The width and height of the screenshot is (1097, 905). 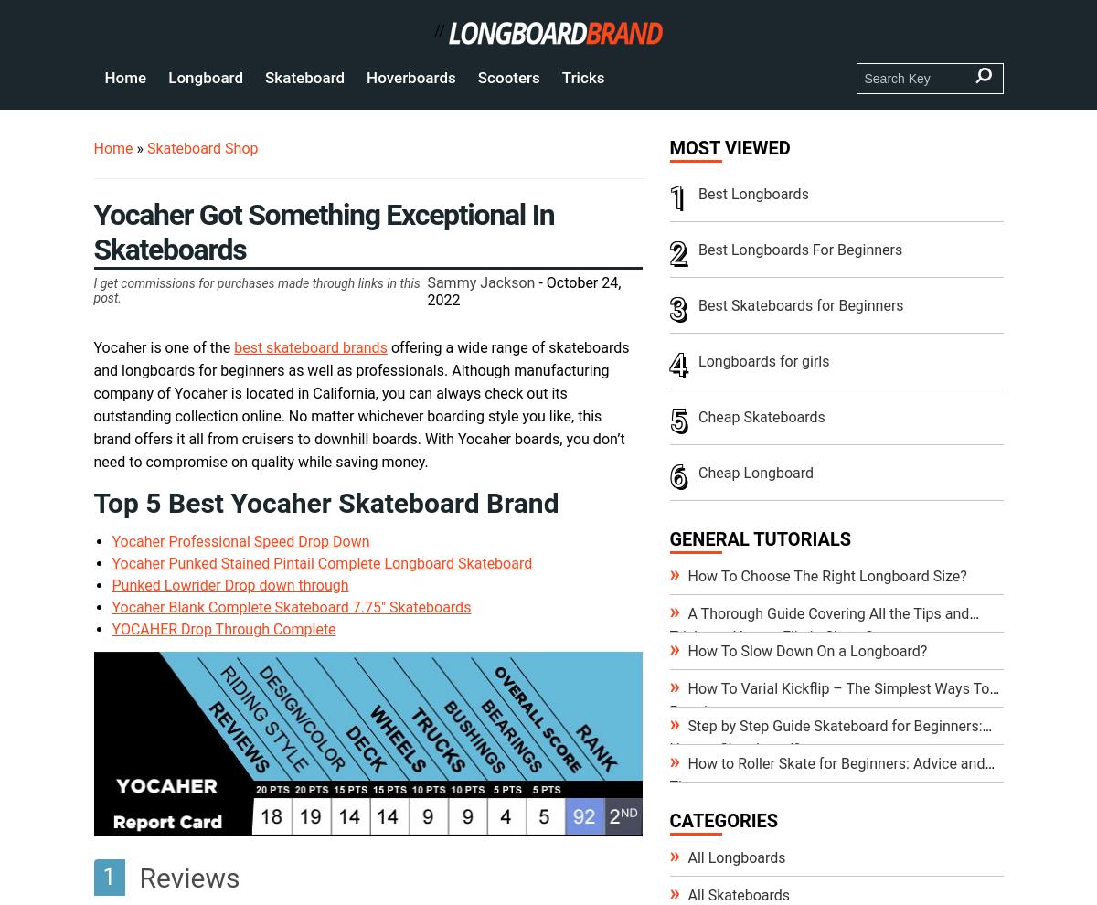 I want to click on 'Best Skateboards for Beginners', so click(x=698, y=304).